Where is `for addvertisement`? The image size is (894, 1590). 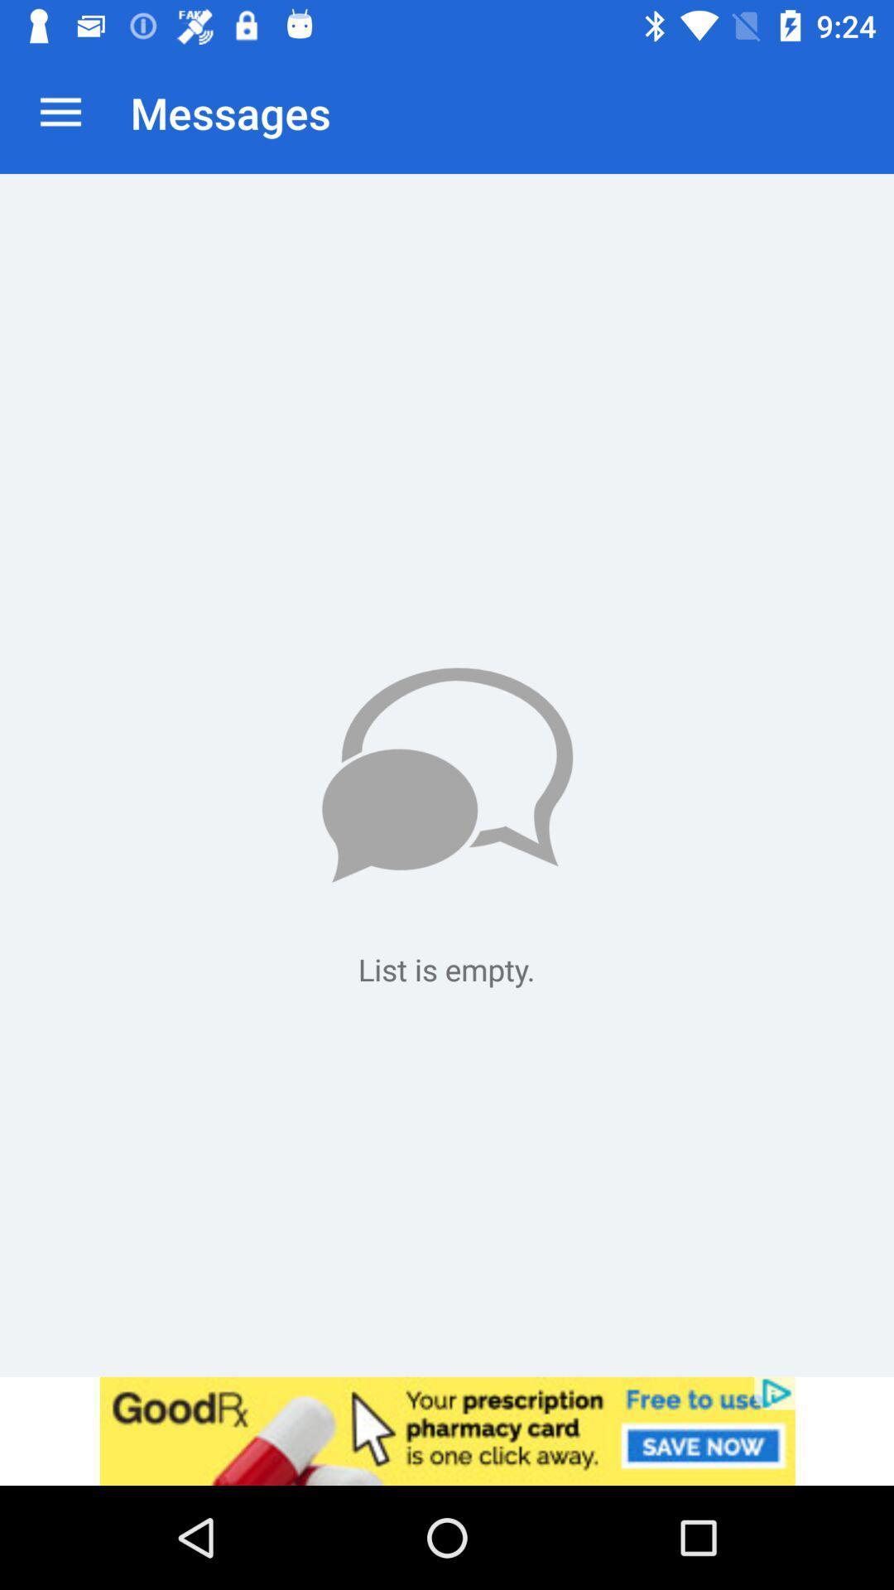
for addvertisement is located at coordinates (447, 1430).